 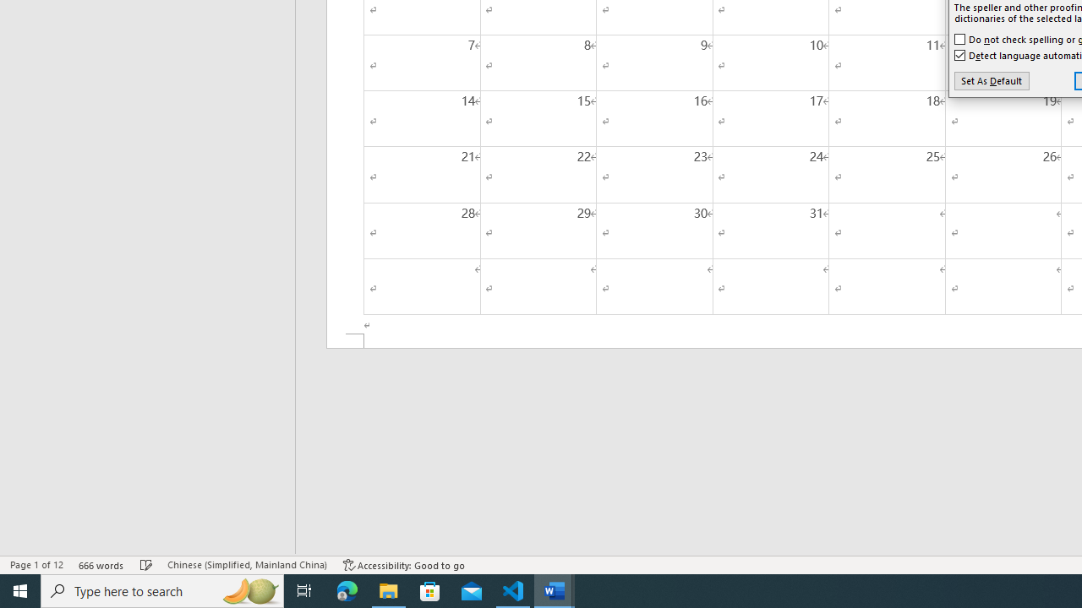 What do you see at coordinates (512, 589) in the screenshot?
I see `'Visual Studio Code - 1 running window'` at bounding box center [512, 589].